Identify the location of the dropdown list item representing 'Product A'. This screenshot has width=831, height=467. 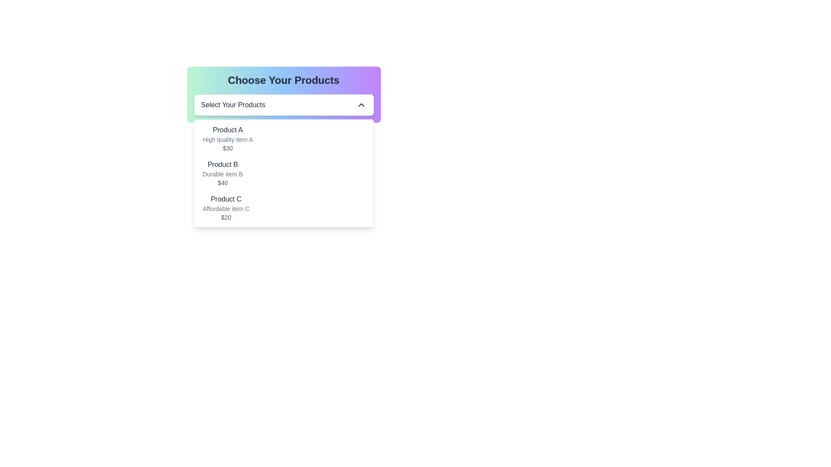
(228, 138).